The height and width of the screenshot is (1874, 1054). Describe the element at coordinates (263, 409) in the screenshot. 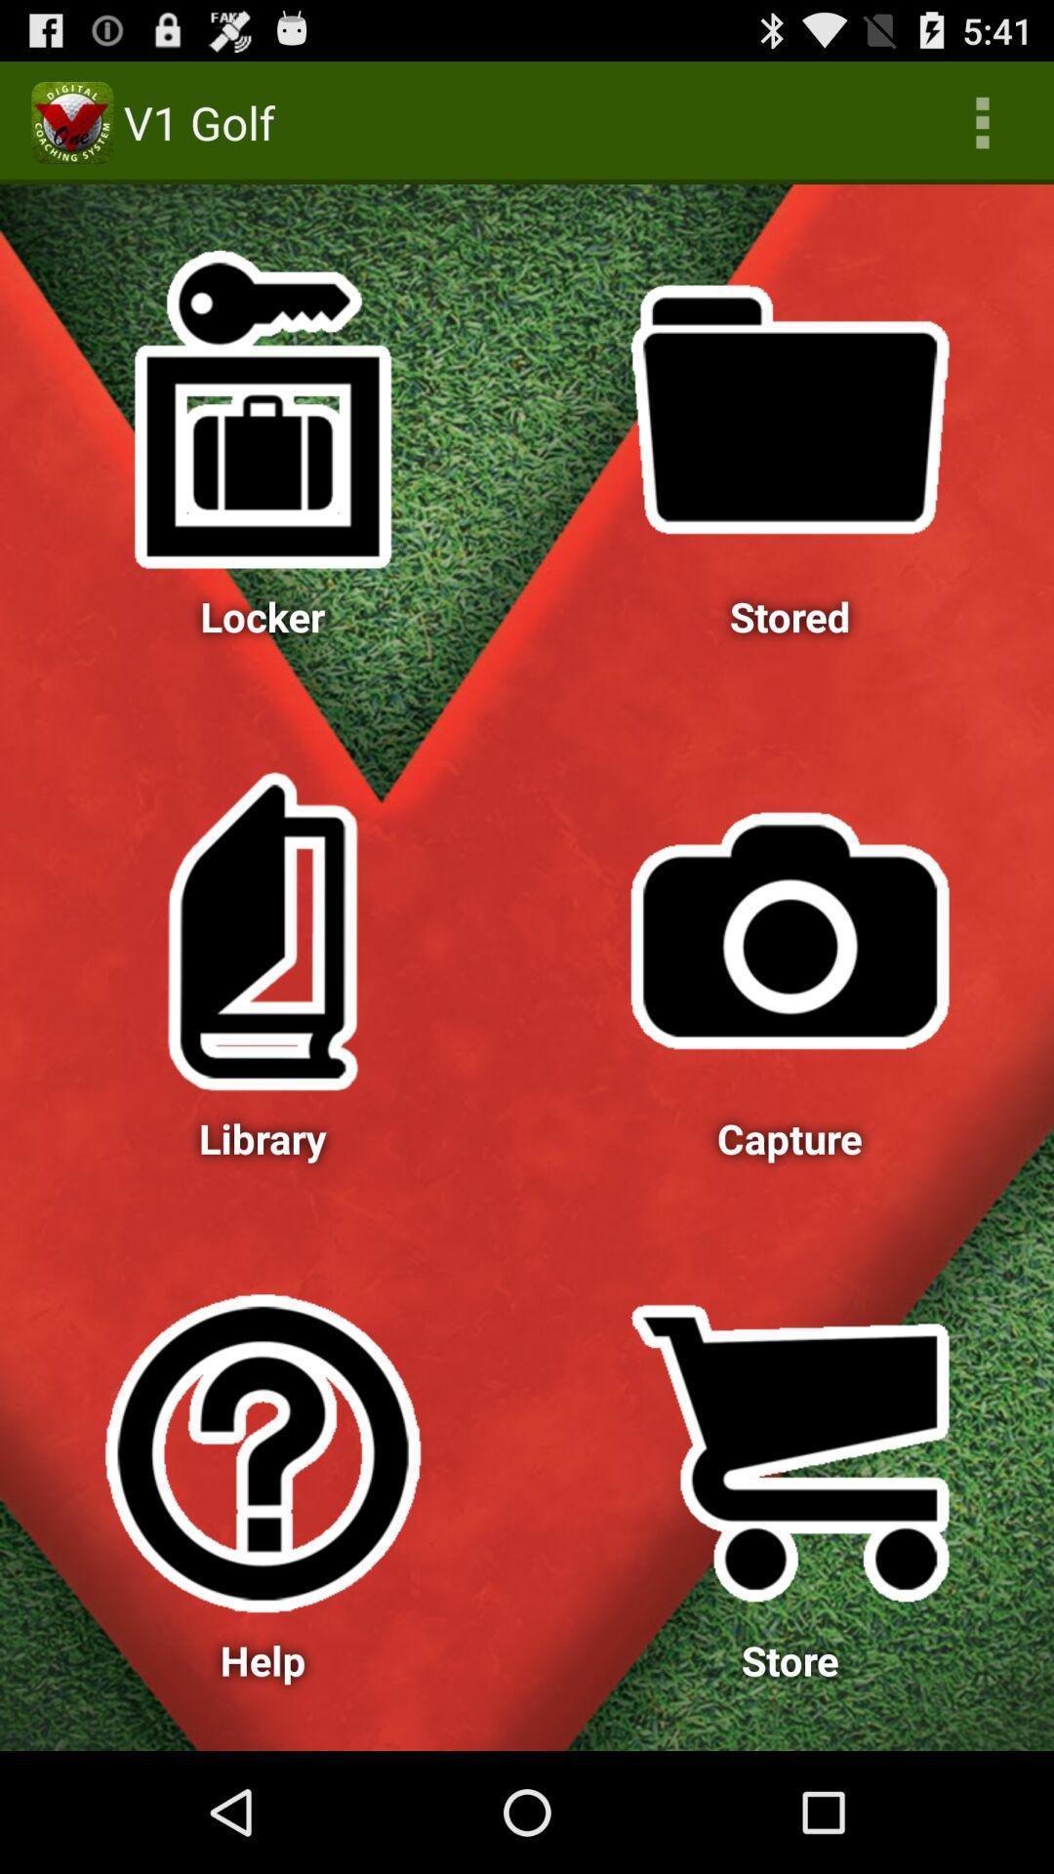

I see `the icon which is above locker` at that location.